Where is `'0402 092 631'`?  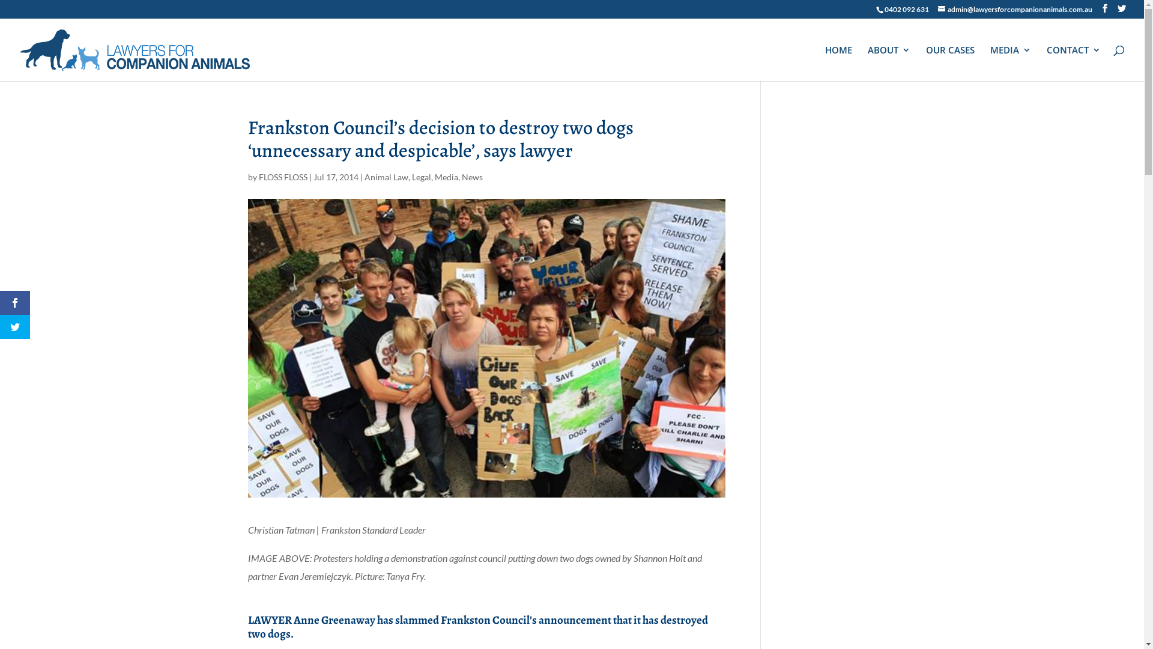 '0402 092 631' is located at coordinates (885, 9).